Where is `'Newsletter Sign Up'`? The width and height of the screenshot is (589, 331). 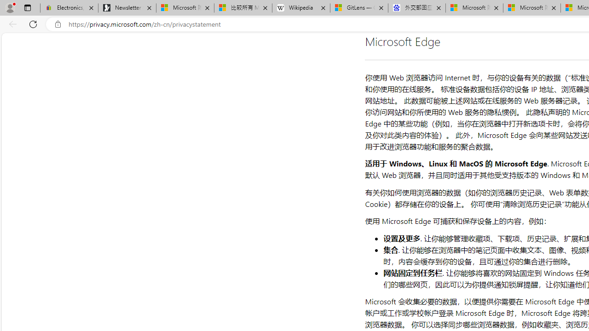 'Newsletter Sign Up' is located at coordinates (127, 8).